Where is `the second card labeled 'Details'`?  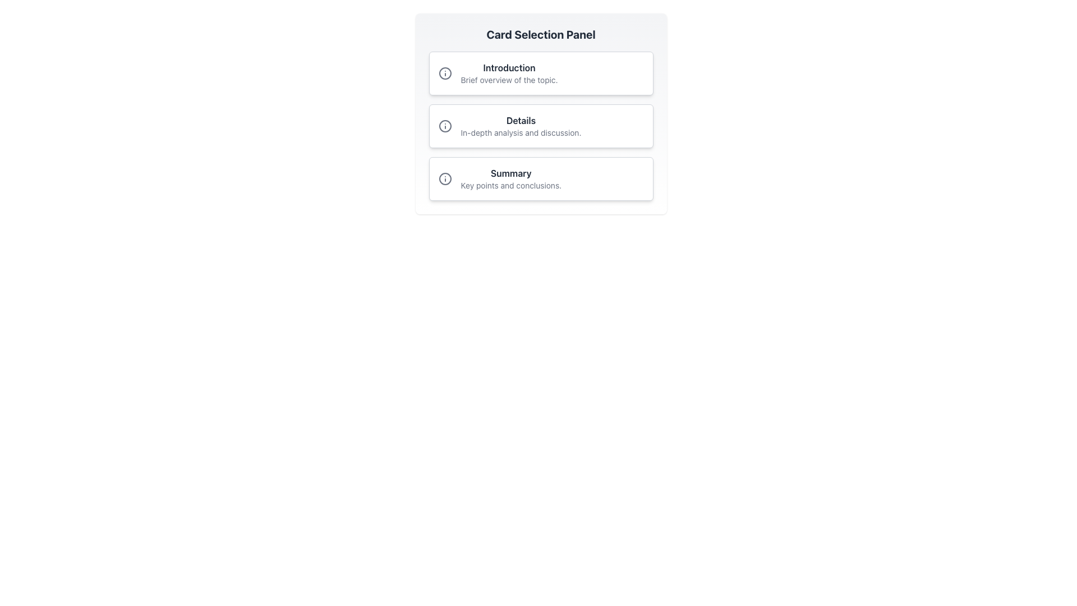 the second card labeled 'Details' is located at coordinates (541, 126).